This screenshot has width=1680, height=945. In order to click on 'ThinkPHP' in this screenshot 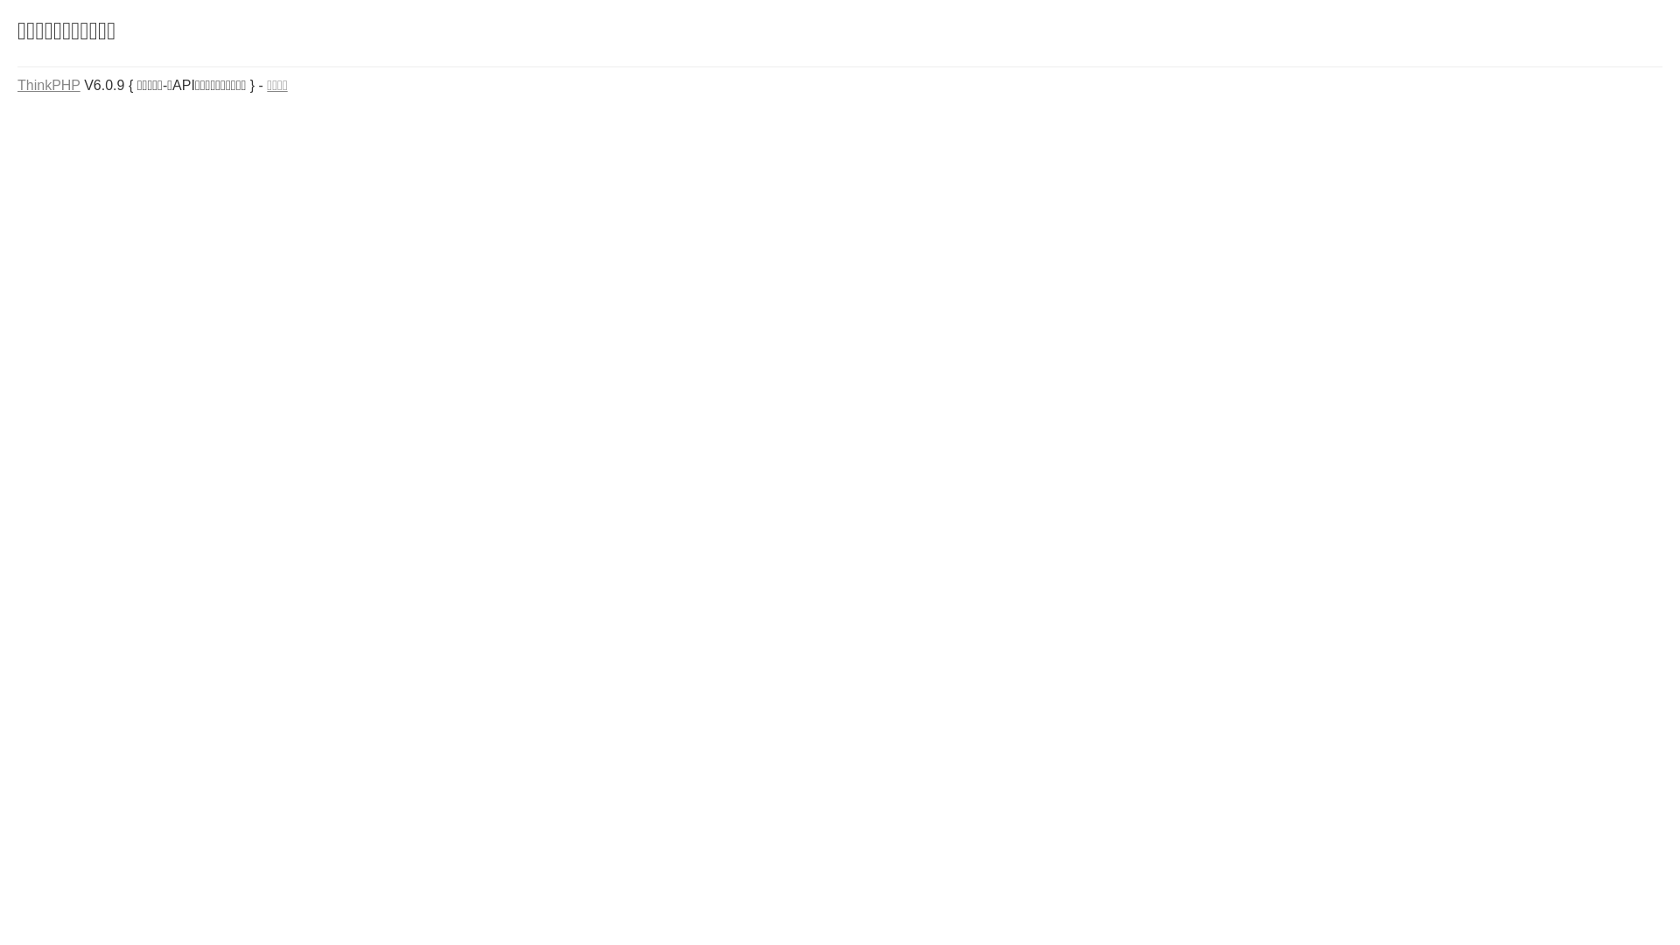, I will do `click(49, 85)`.